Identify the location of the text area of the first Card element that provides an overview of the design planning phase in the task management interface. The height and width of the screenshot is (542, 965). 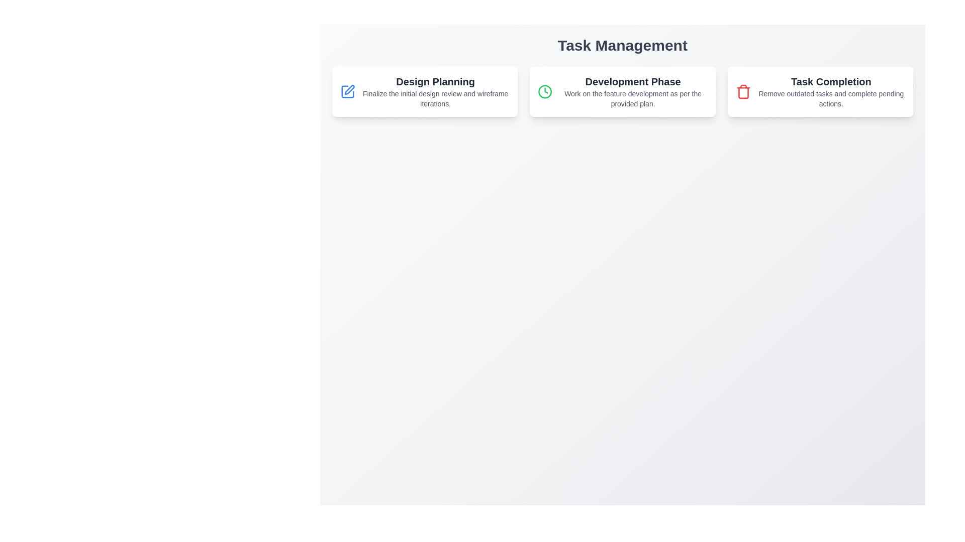
(425, 91).